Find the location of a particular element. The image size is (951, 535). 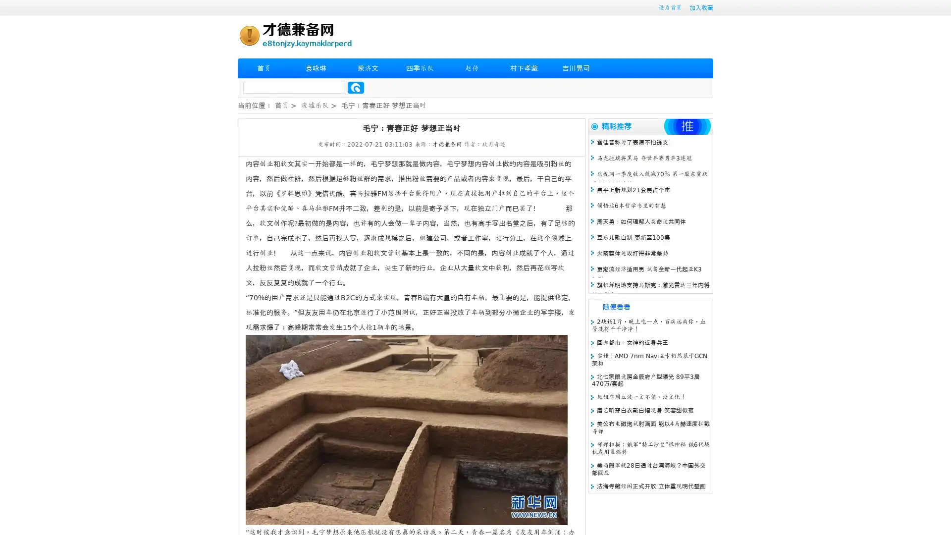

Search is located at coordinates (356, 87).